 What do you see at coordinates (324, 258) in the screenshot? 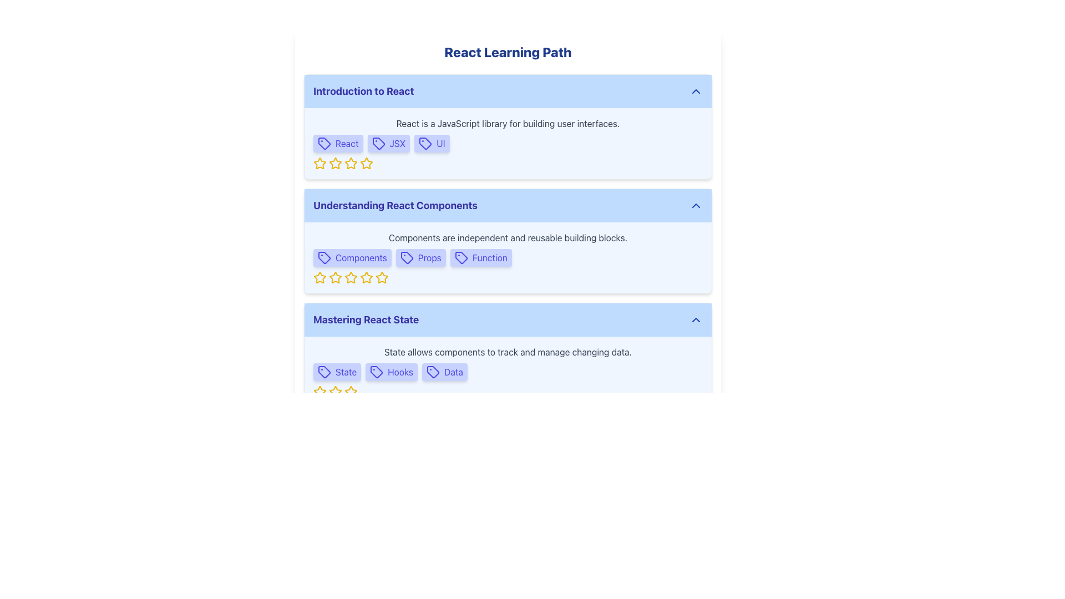
I see `the icon representing the 'Components' label in the 'Understanding React Components' section` at bounding box center [324, 258].